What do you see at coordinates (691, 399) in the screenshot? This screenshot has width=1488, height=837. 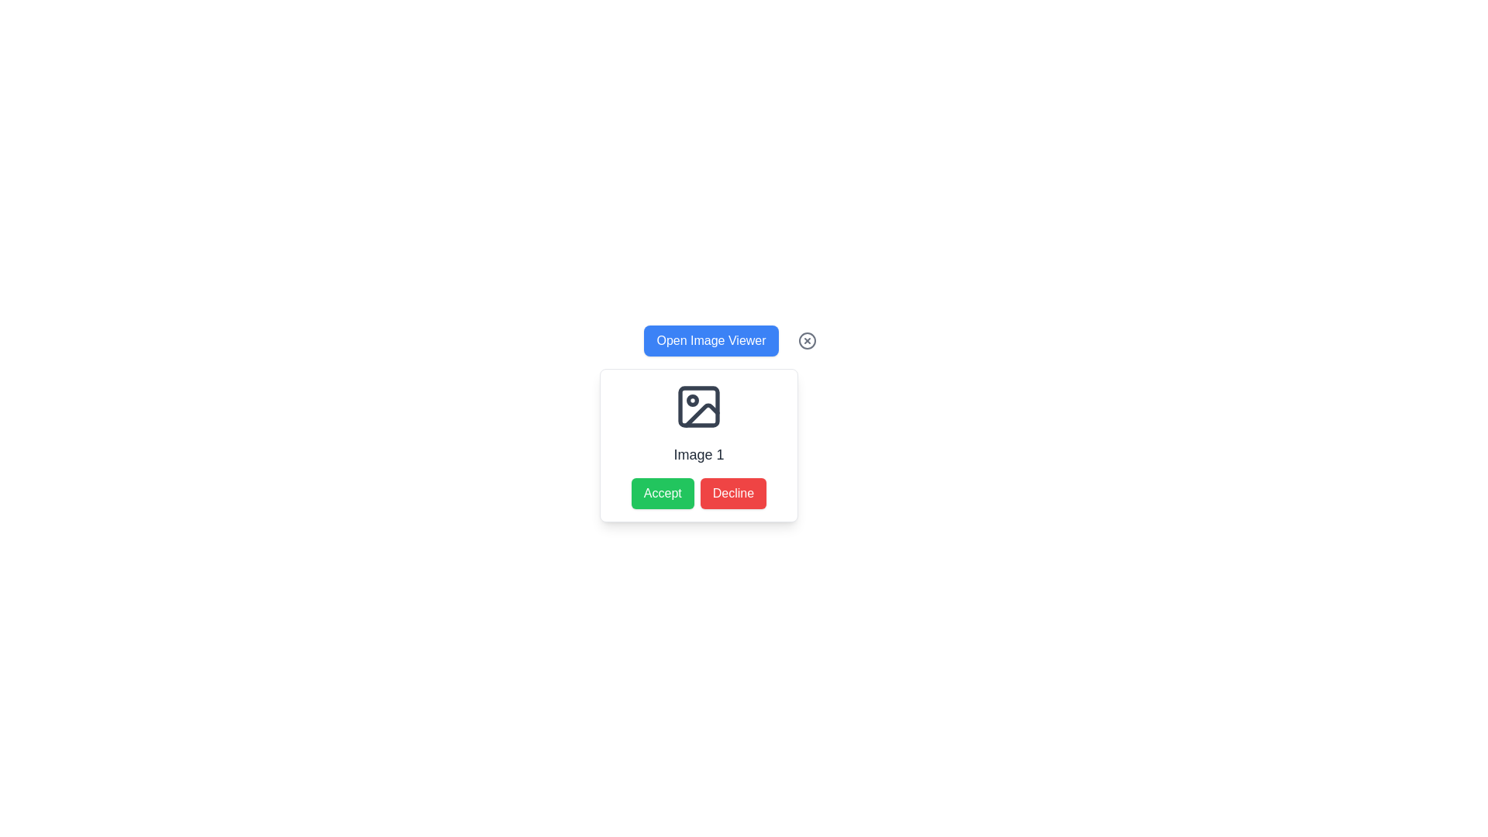 I see `the small circular shape located in the center of the image icon representing 'Image 1'` at bounding box center [691, 399].